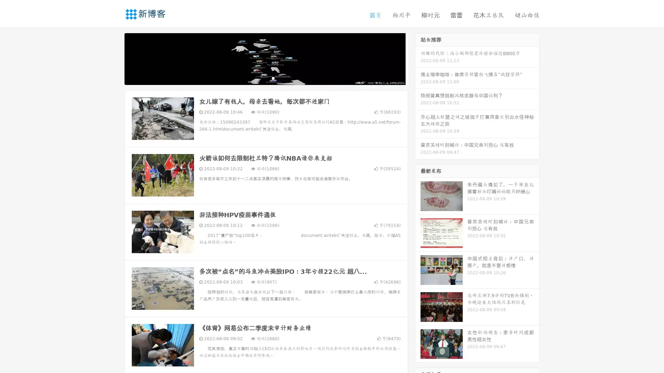  I want to click on Next slide, so click(418, 58).